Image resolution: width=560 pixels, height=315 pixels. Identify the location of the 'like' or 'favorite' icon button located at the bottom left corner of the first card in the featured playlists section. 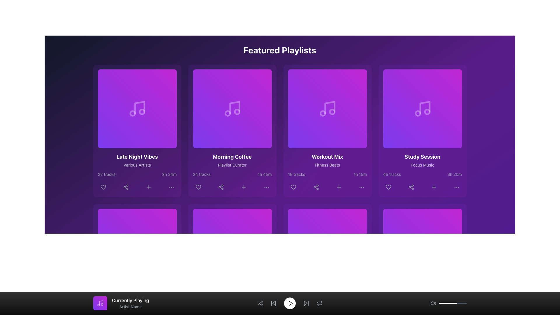
(103, 187).